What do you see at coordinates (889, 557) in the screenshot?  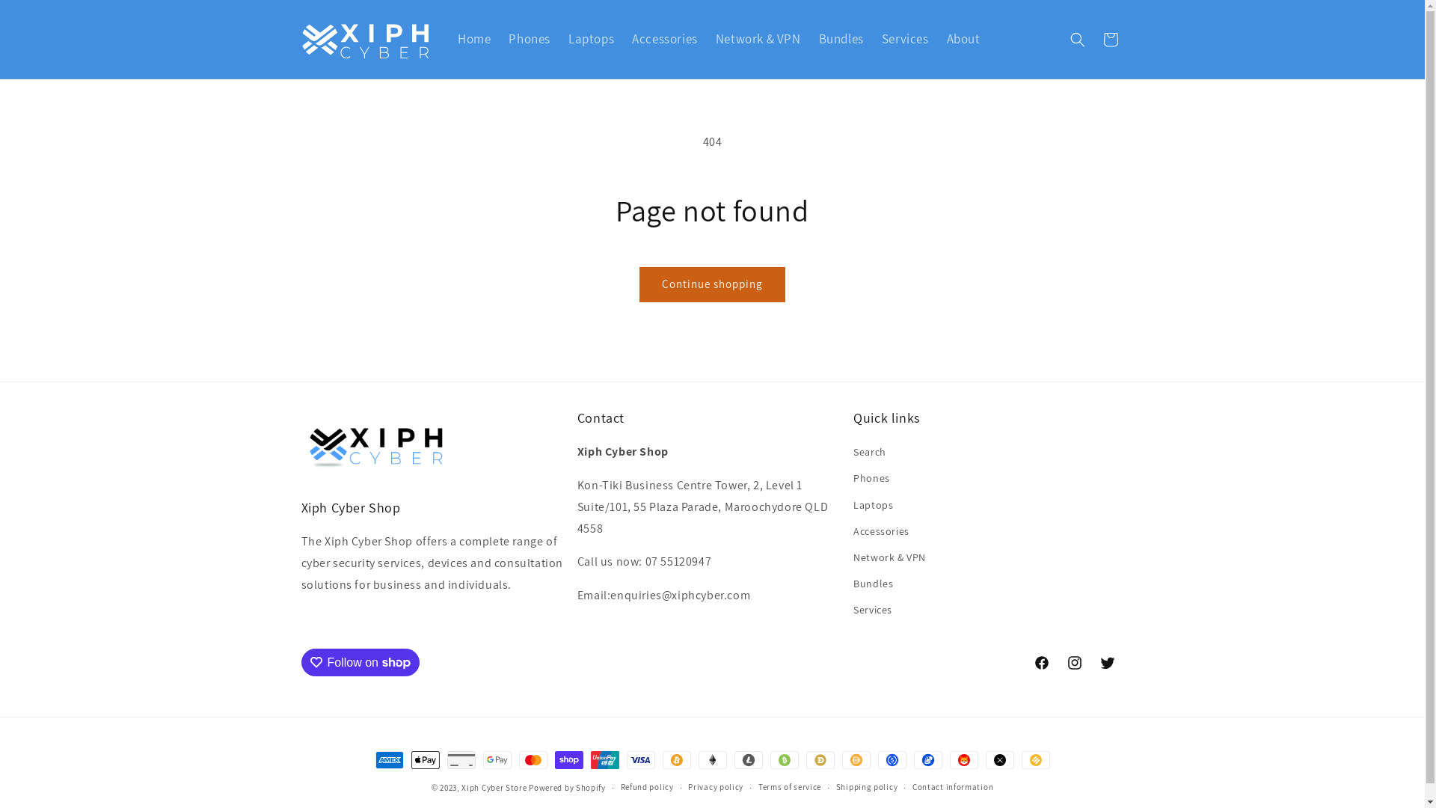 I see `'Network & VPN'` at bounding box center [889, 557].